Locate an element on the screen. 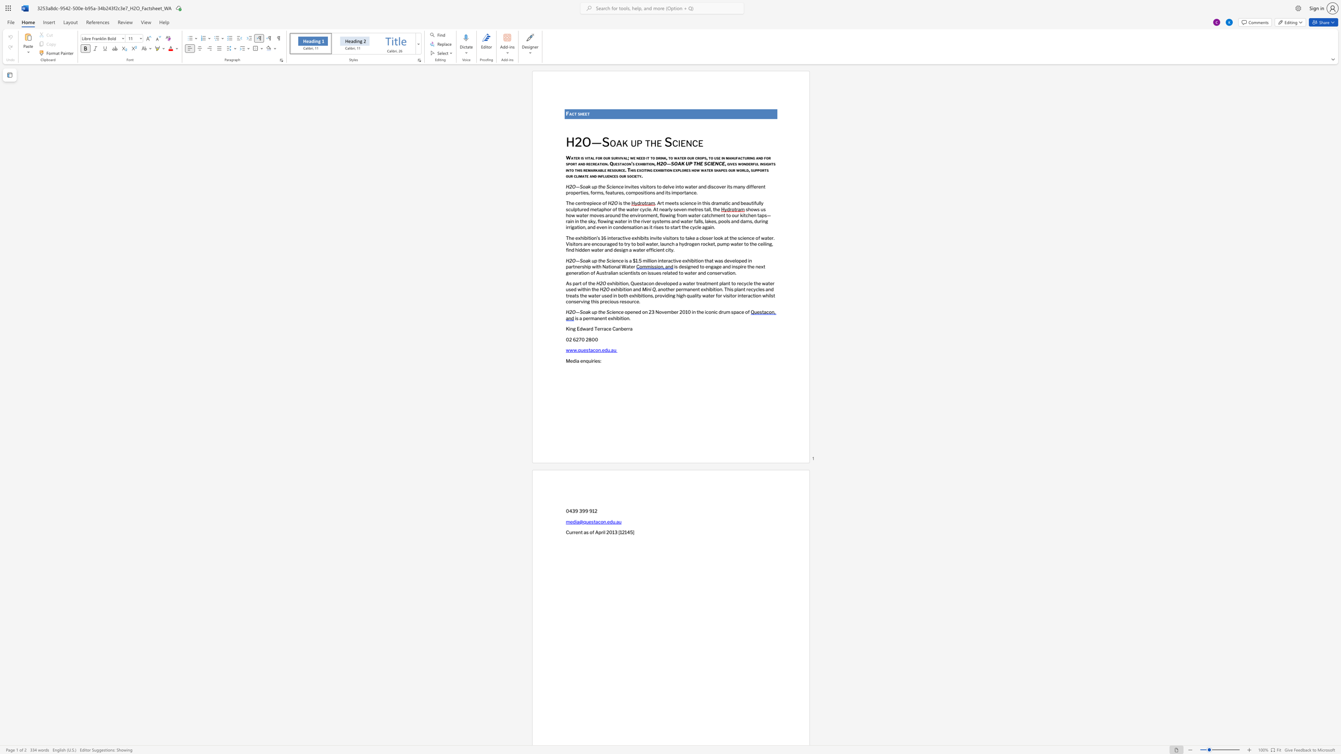  the subset text "he Sci" within the text "H2O—Soak up the Science" is located at coordinates (600, 260).